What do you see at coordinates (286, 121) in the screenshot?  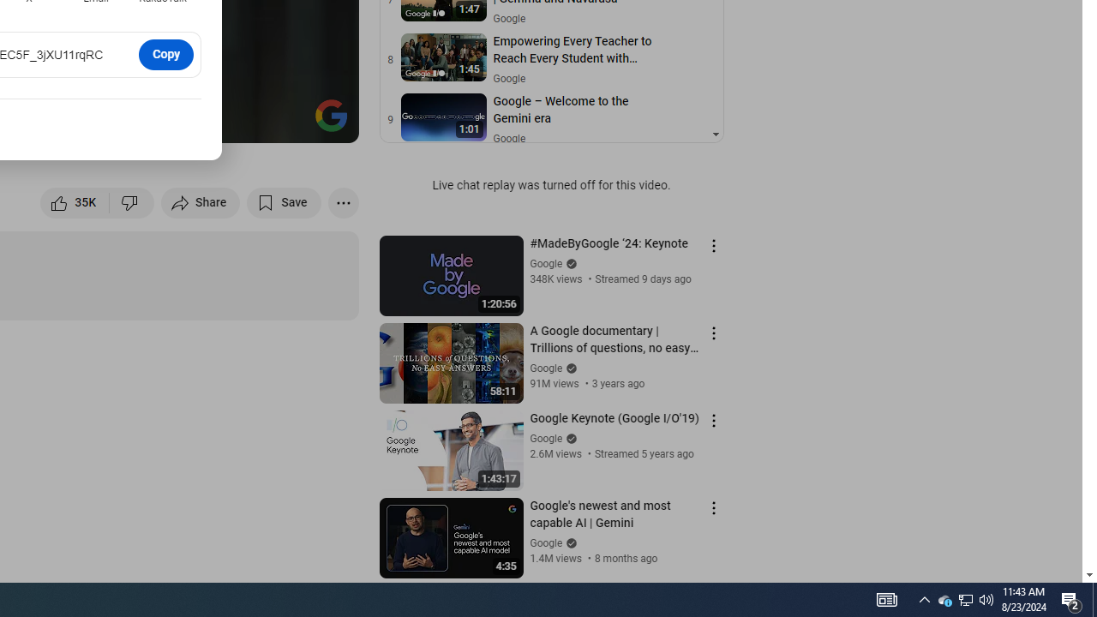 I see `'Theater mode (t)'` at bounding box center [286, 121].